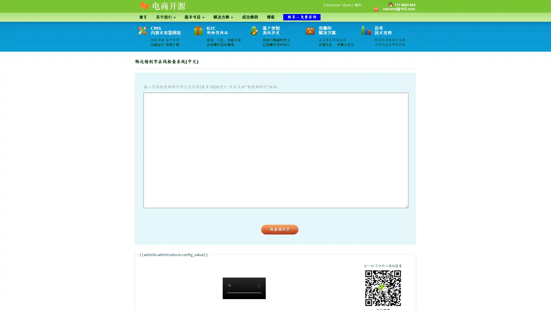  I want to click on play, so click(230, 285).